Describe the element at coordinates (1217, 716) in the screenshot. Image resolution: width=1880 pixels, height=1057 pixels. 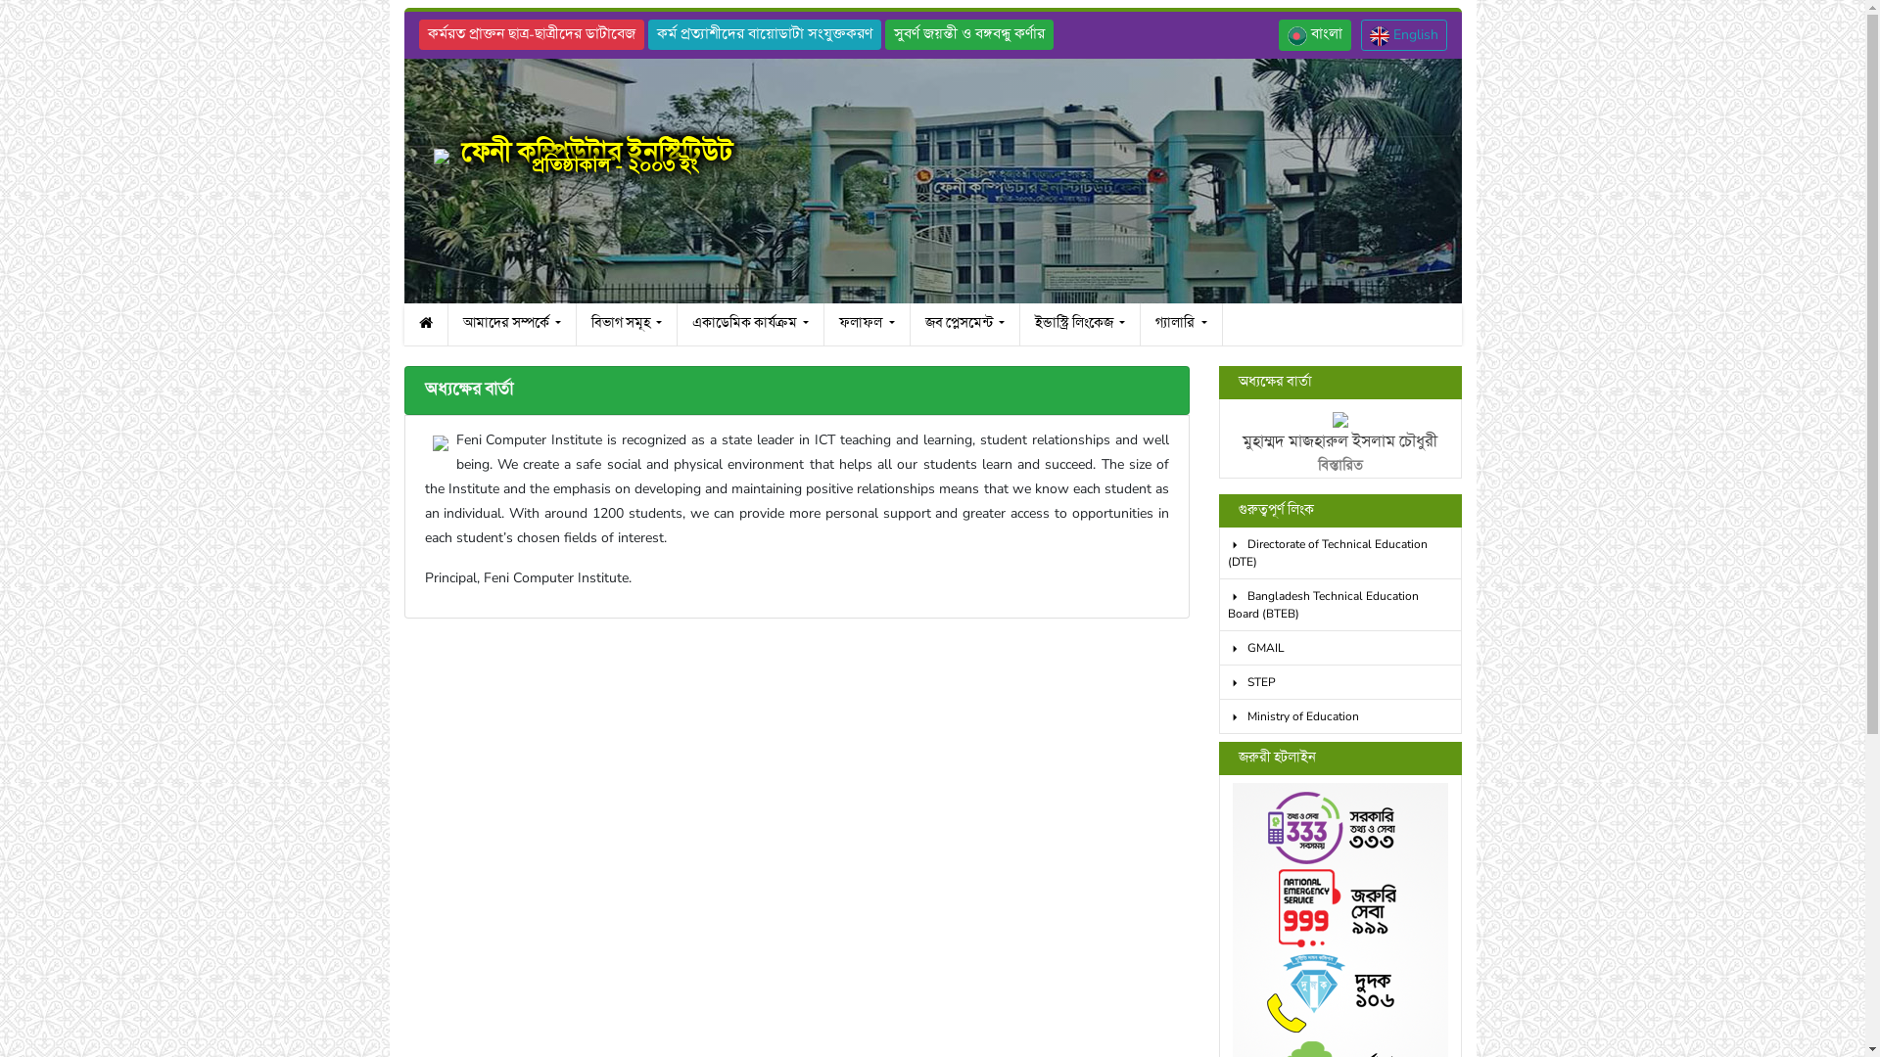
I see `'  Ministry of Education'` at that location.